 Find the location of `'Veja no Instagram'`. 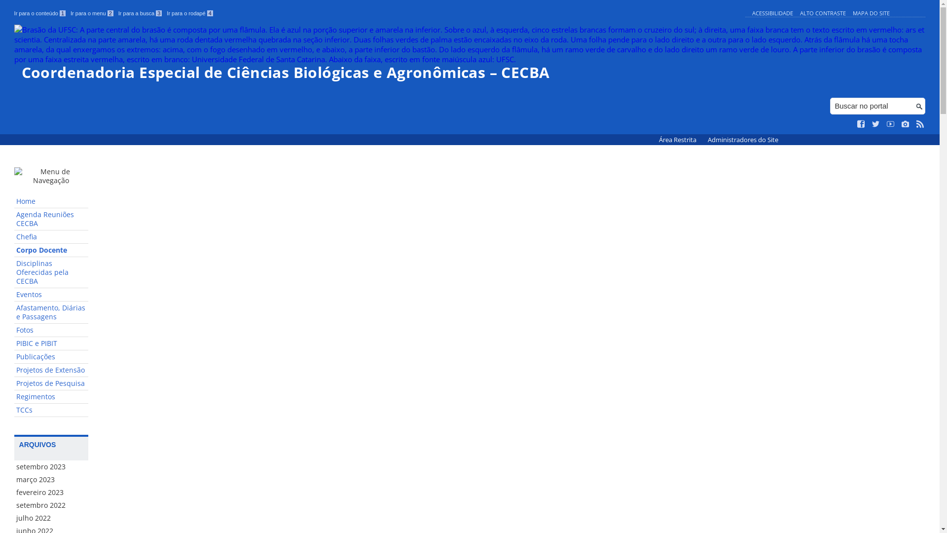

'Veja no Instagram' is located at coordinates (906, 123).